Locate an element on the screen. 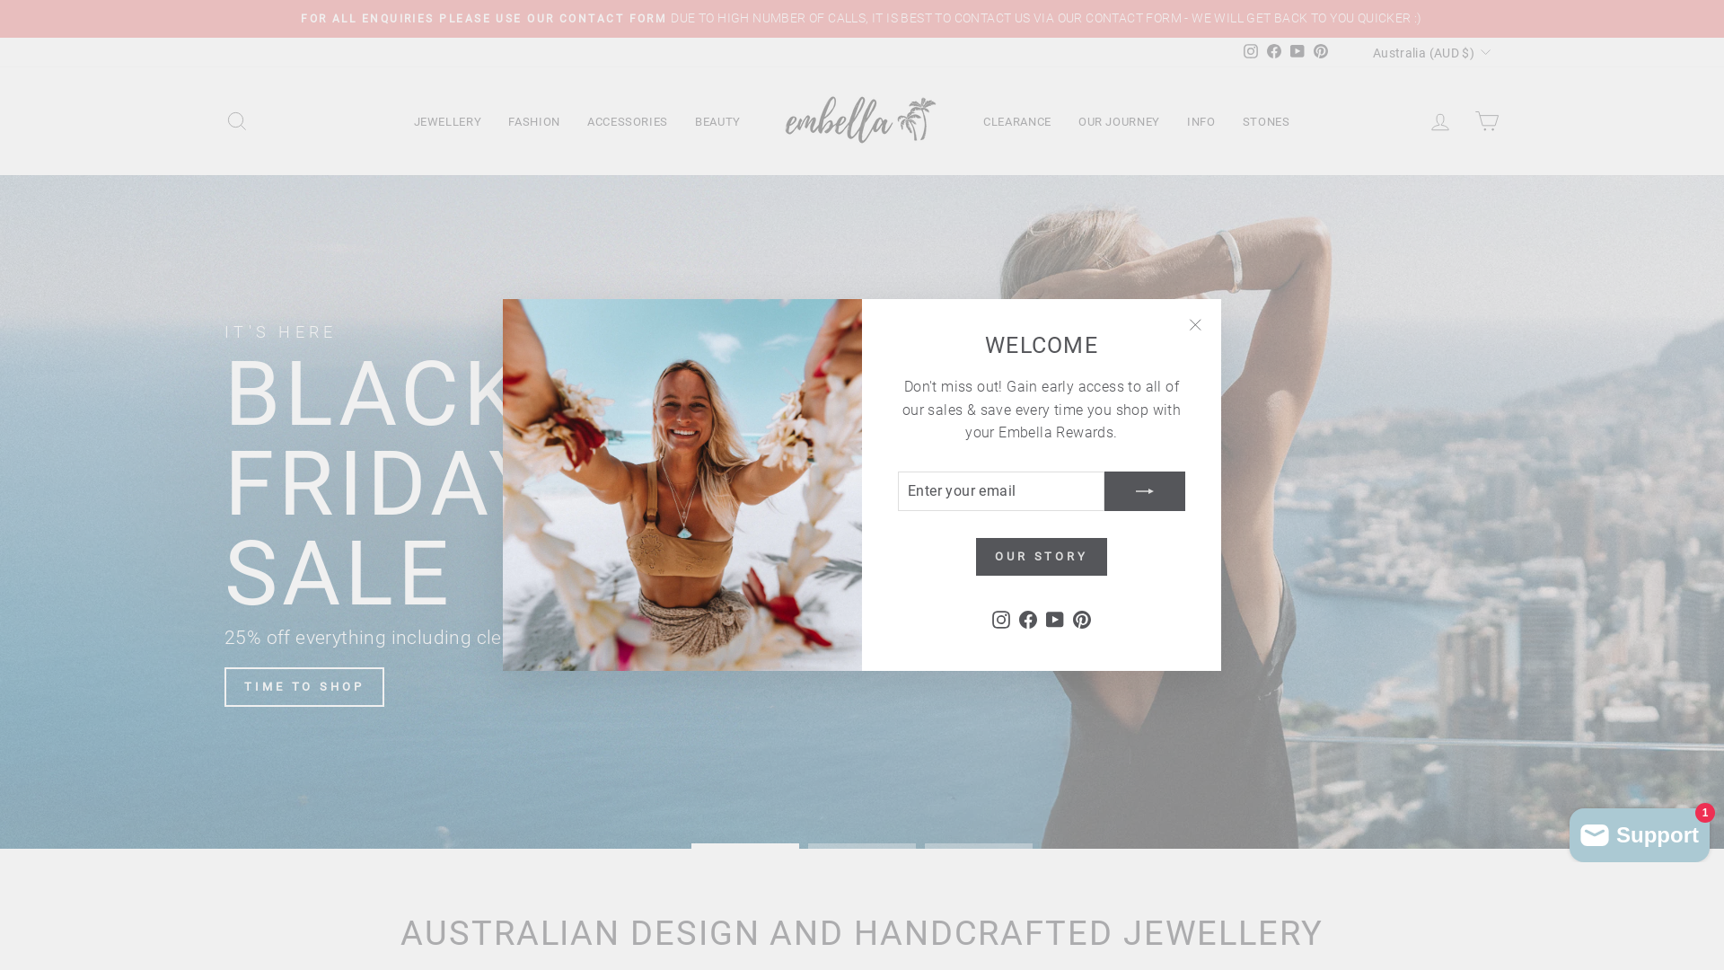 The width and height of the screenshot is (1724, 970). 'BEAUTY' is located at coordinates (680, 121).